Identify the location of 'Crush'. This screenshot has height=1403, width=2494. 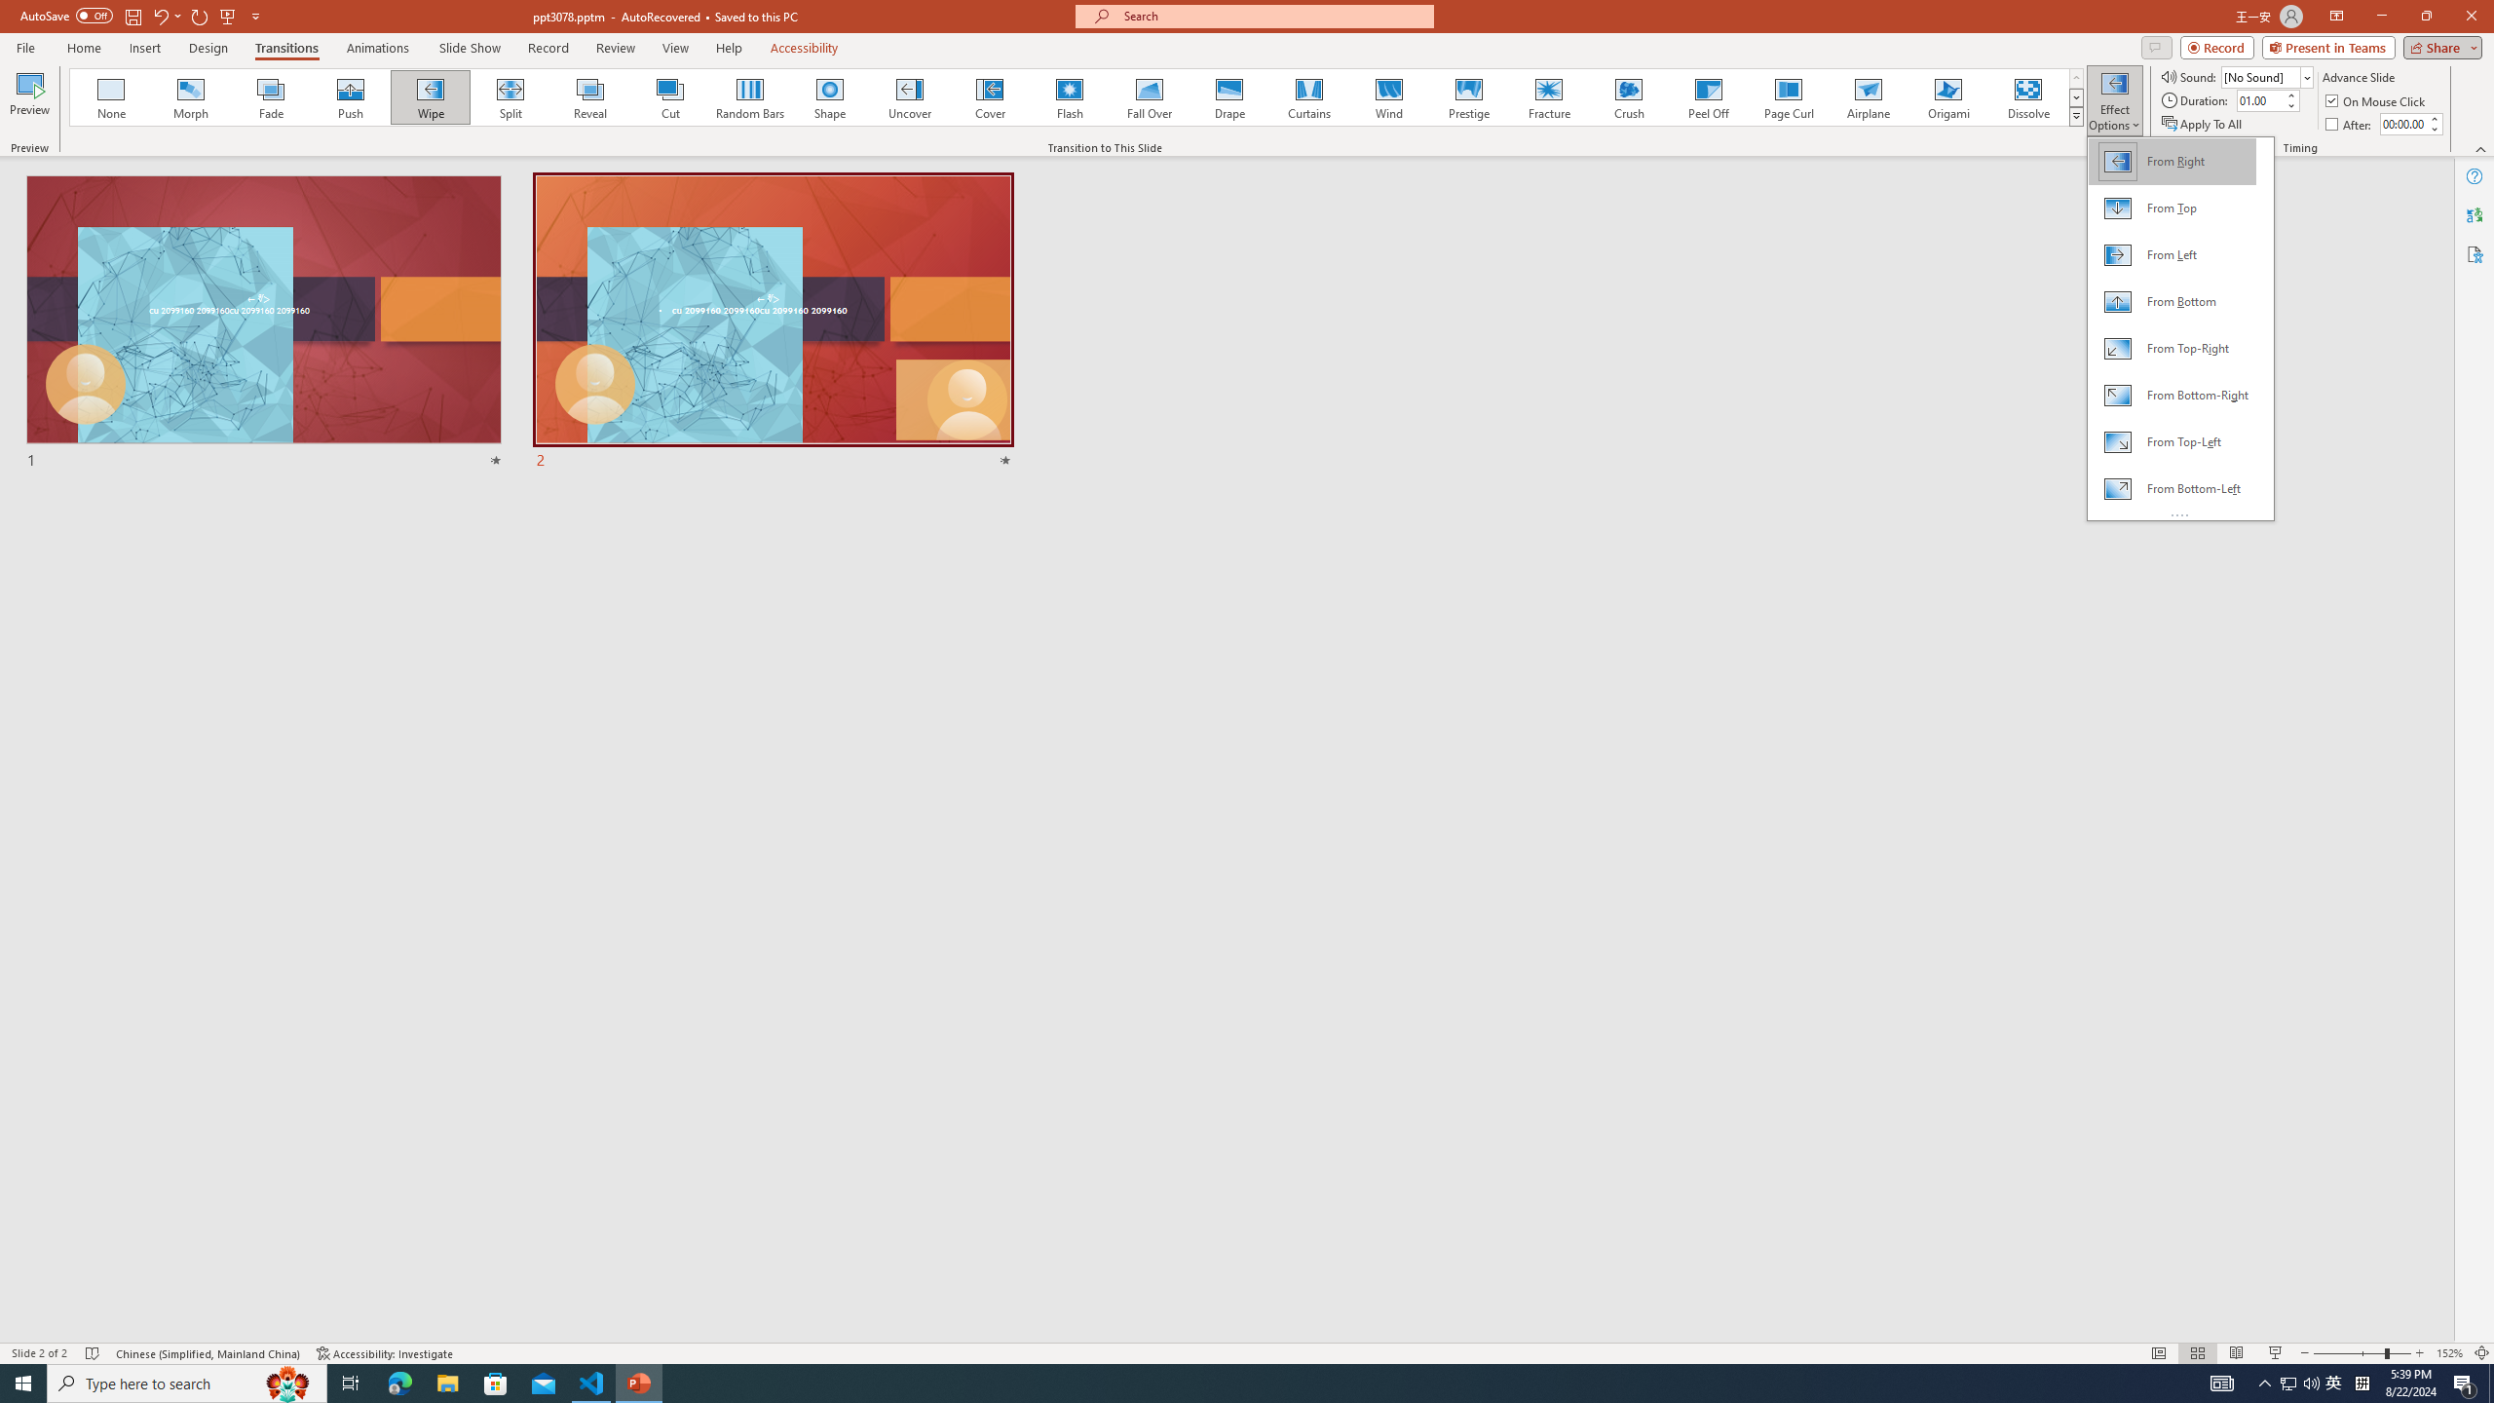
(1628, 96).